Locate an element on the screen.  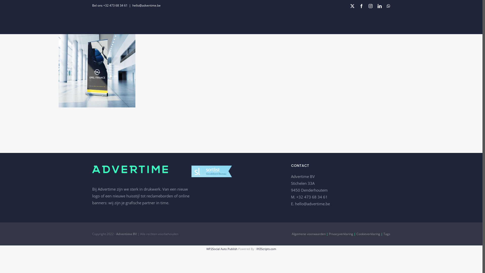
'LinkedIn' is located at coordinates (379, 6).